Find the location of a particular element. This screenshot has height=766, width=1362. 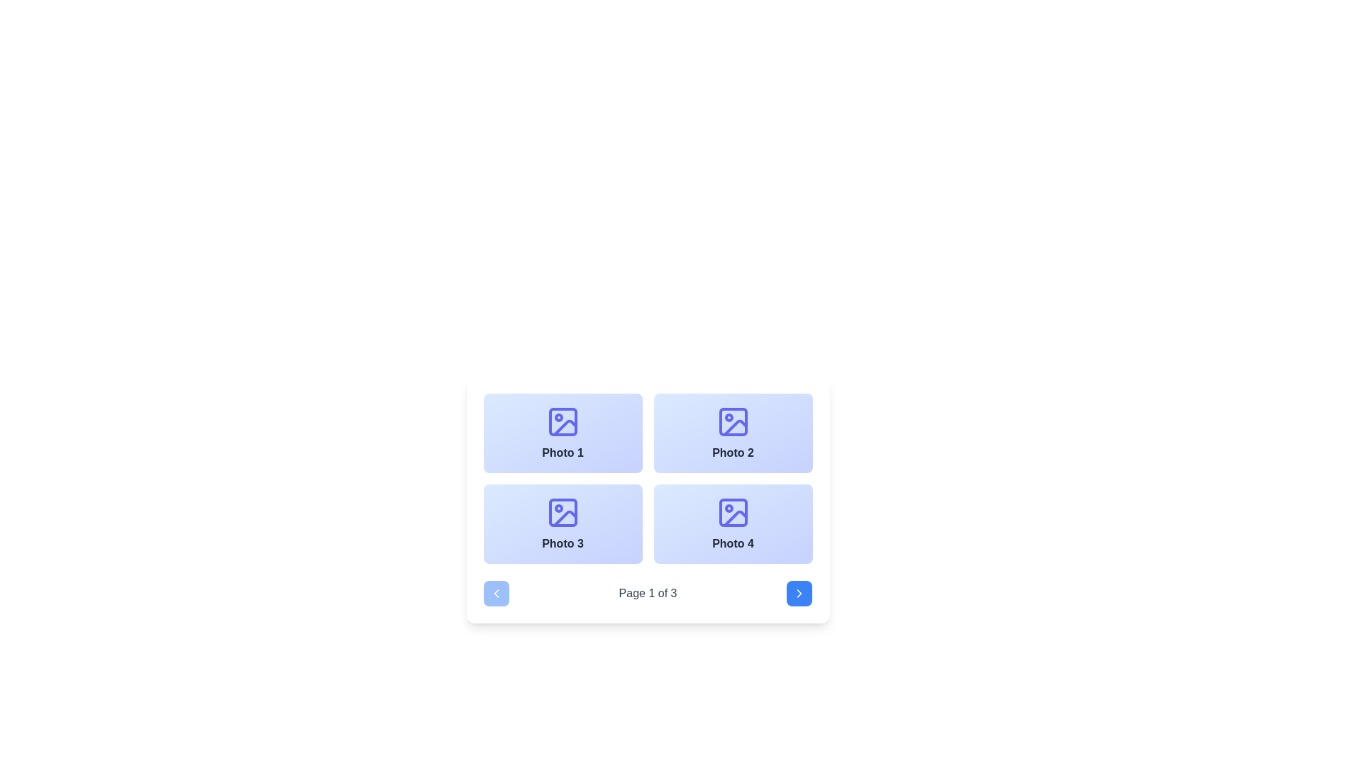

the icon representing the image or photo within the first card labeled 'Photo 1' in the upper-left quadrant of the interface is located at coordinates (562, 421).